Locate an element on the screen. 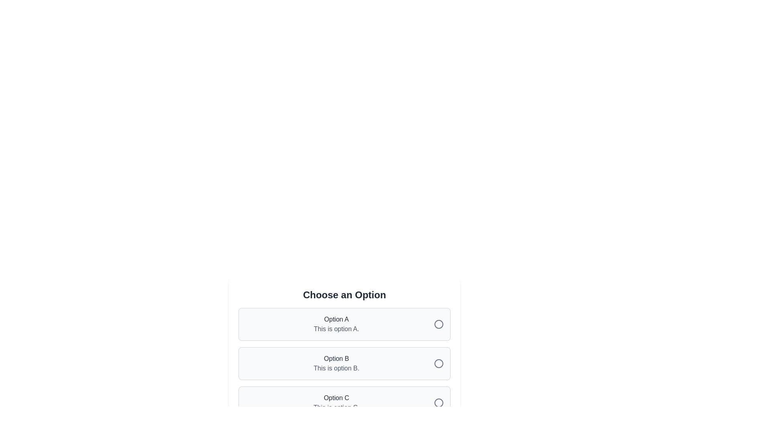  text label that says 'This is option A.' which is styled in lighter gray and positioned below the main title 'Option A.' is located at coordinates (337, 329).